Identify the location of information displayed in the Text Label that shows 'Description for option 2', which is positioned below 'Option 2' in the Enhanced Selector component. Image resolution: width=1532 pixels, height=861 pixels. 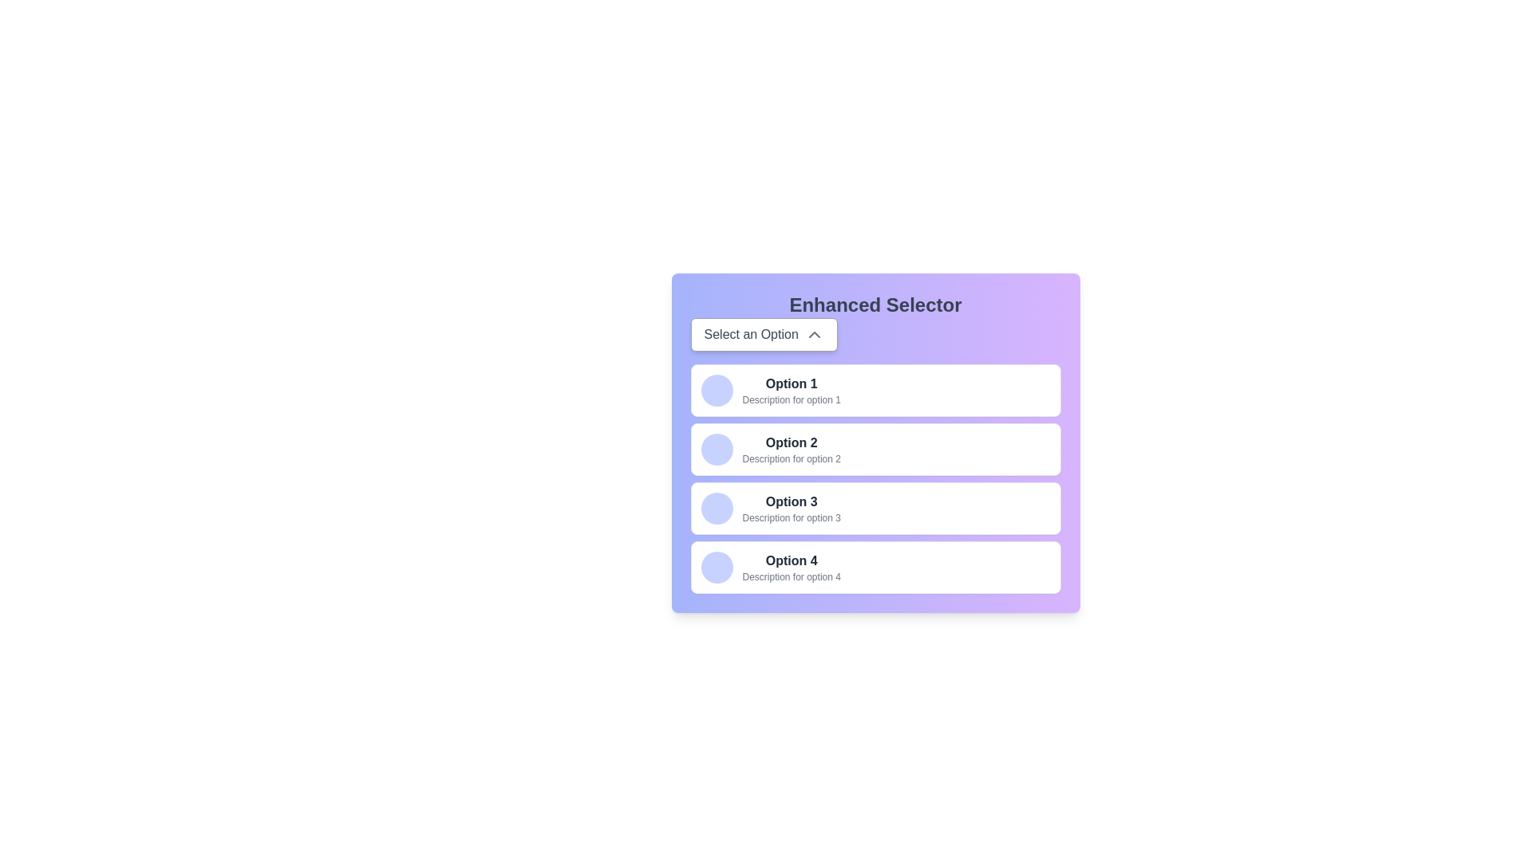
(792, 458).